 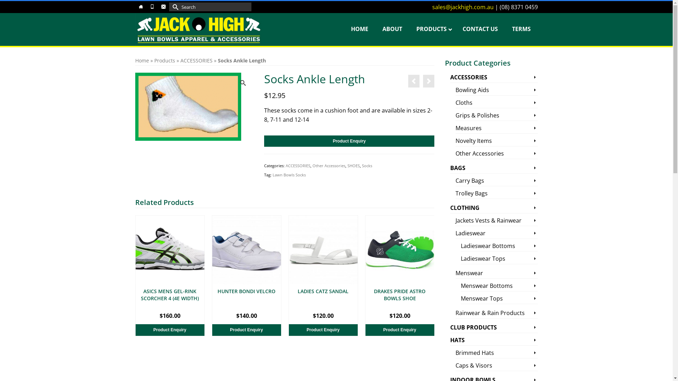 What do you see at coordinates (349, 141) in the screenshot?
I see `'Product Enquiry'` at bounding box center [349, 141].